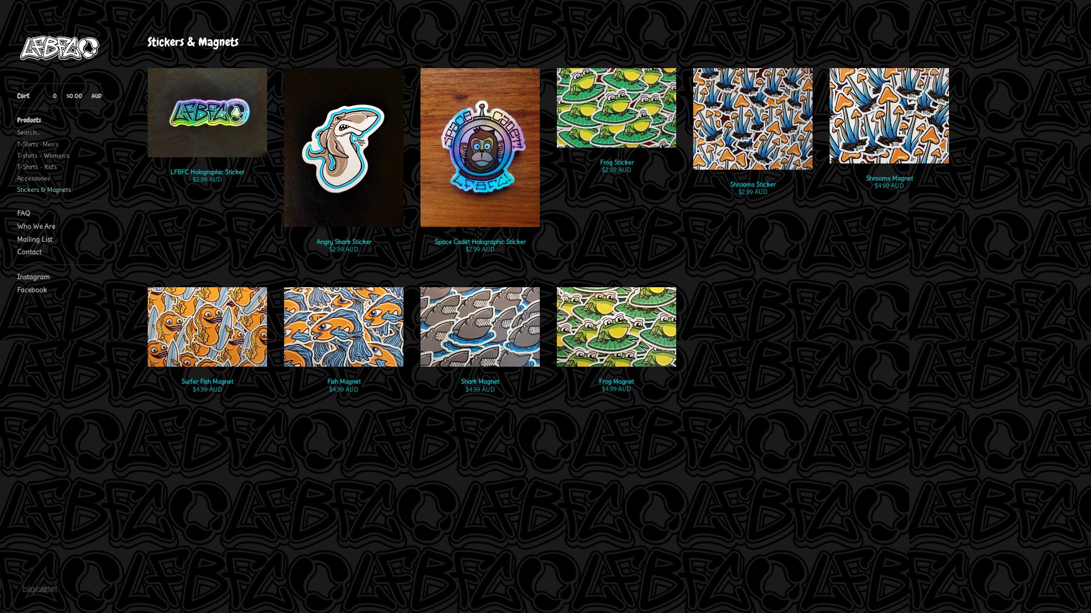 The image size is (1091, 613). I want to click on 'T-Shirts -Men's', so click(59, 144).